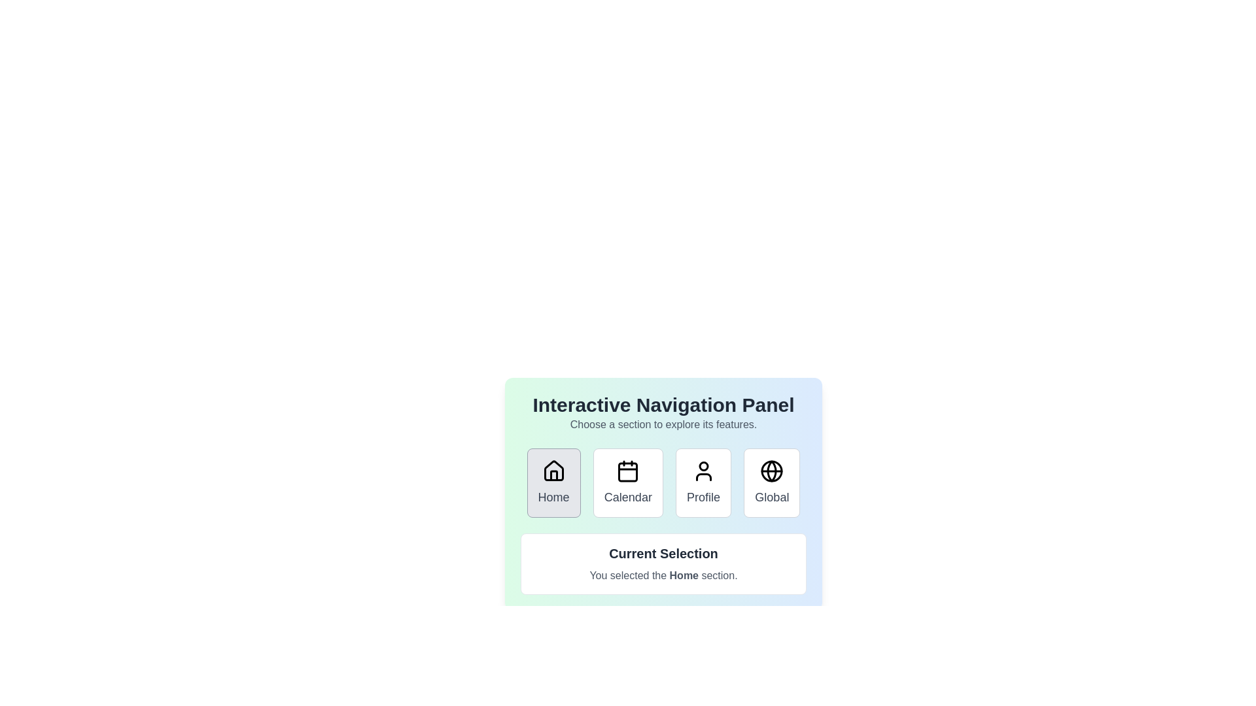 The image size is (1256, 706). I want to click on the profile icon in the navigation panel, which visually identifies the Profile section, so click(703, 465).